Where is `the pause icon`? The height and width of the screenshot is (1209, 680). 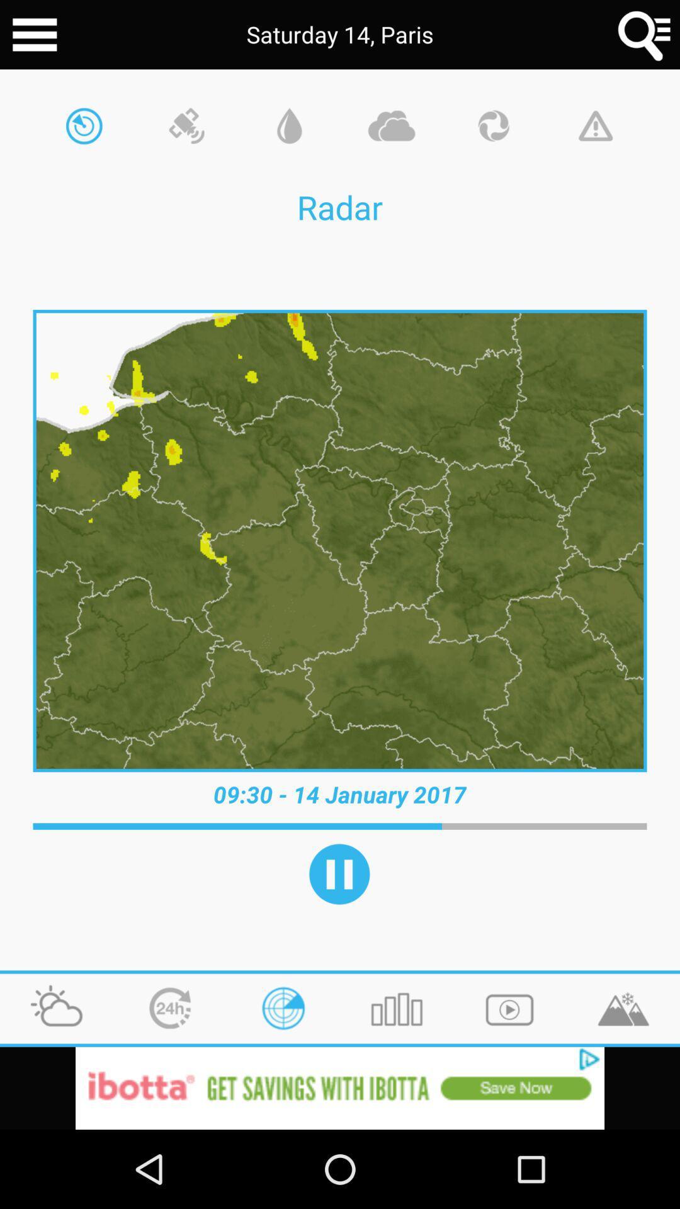
the pause icon is located at coordinates (339, 936).